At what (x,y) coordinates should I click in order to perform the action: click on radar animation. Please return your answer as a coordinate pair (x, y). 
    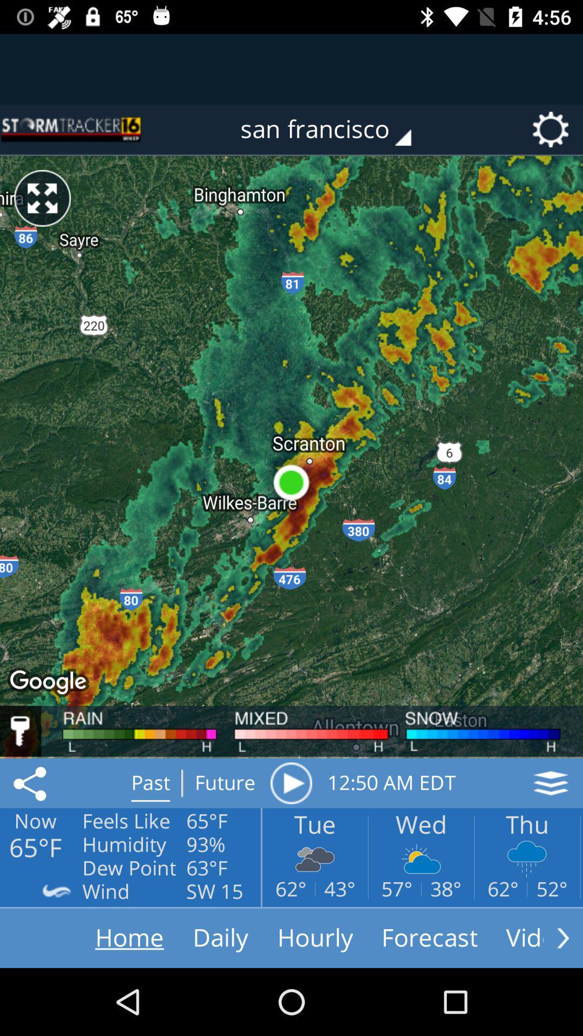
    Looking at the image, I should click on (290, 783).